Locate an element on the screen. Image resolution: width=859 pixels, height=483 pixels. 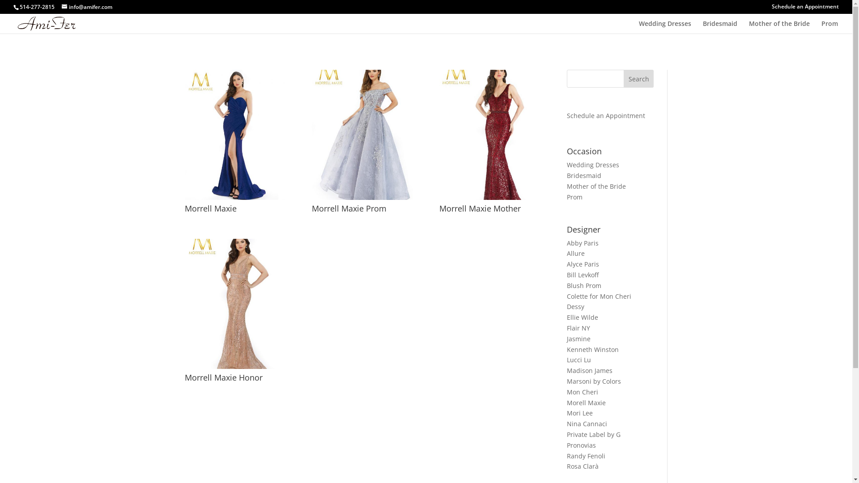
'Mon Cheri' is located at coordinates (582, 391).